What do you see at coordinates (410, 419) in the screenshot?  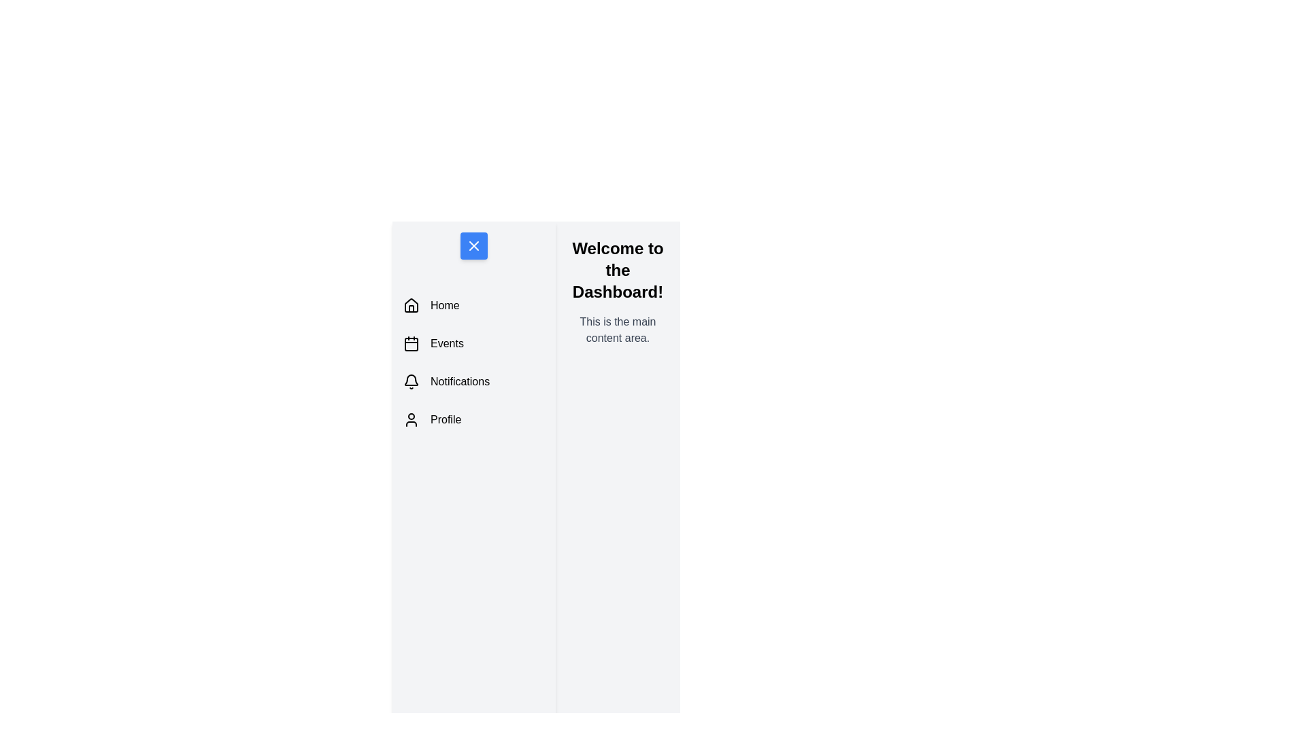 I see `the 'Profile' icon located in the left sidebar, which serves as a visual identifier for user-related actions or settings` at bounding box center [410, 419].